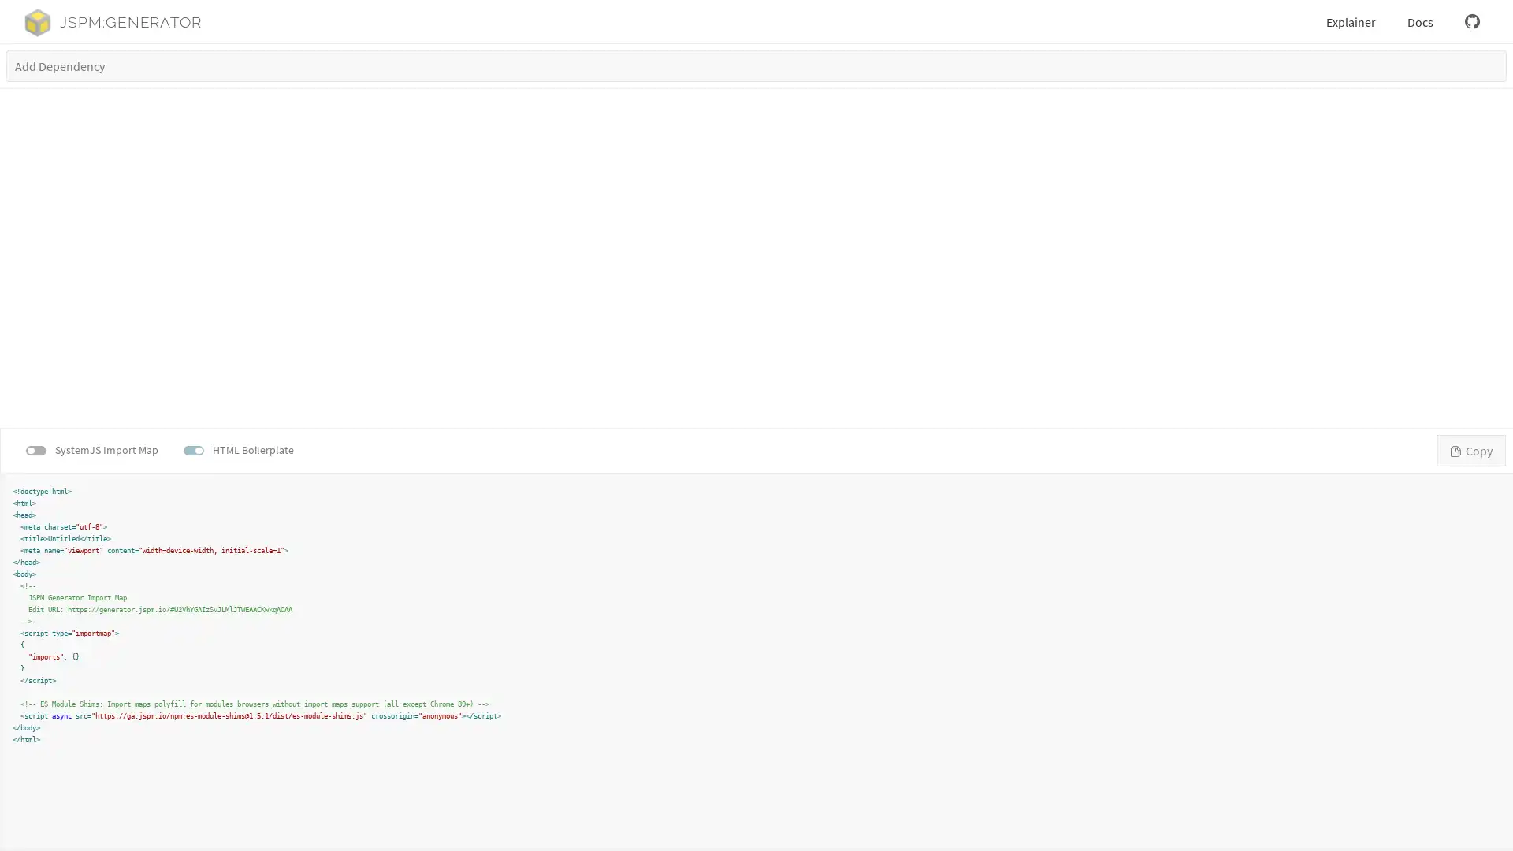 The height and width of the screenshot is (851, 1513). Describe the element at coordinates (1470, 450) in the screenshot. I see `Copy` at that location.